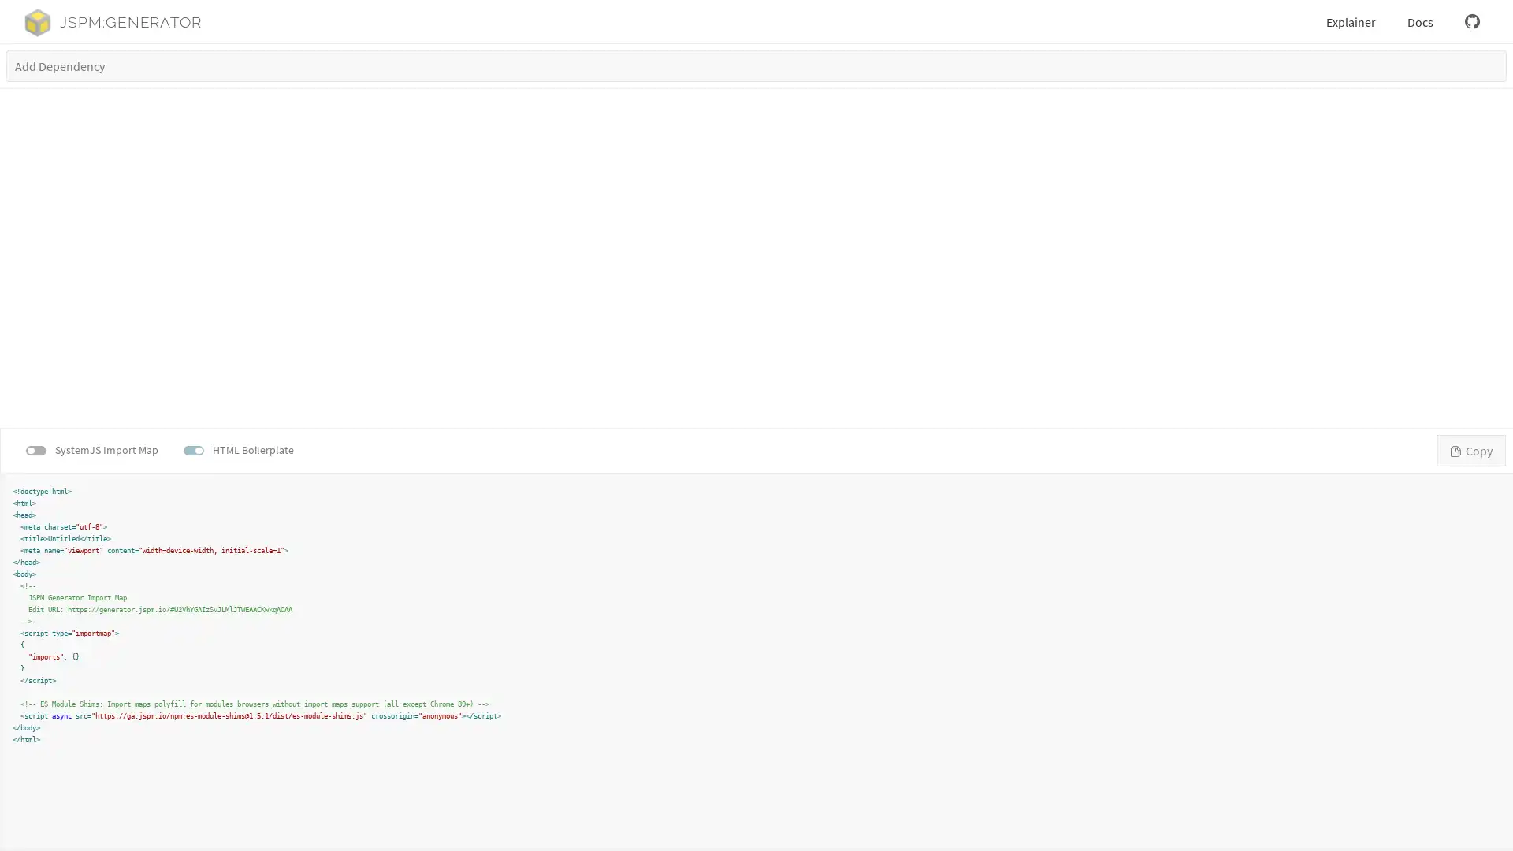 The height and width of the screenshot is (851, 1513). Describe the element at coordinates (1470, 450) in the screenshot. I see `Copy` at that location.